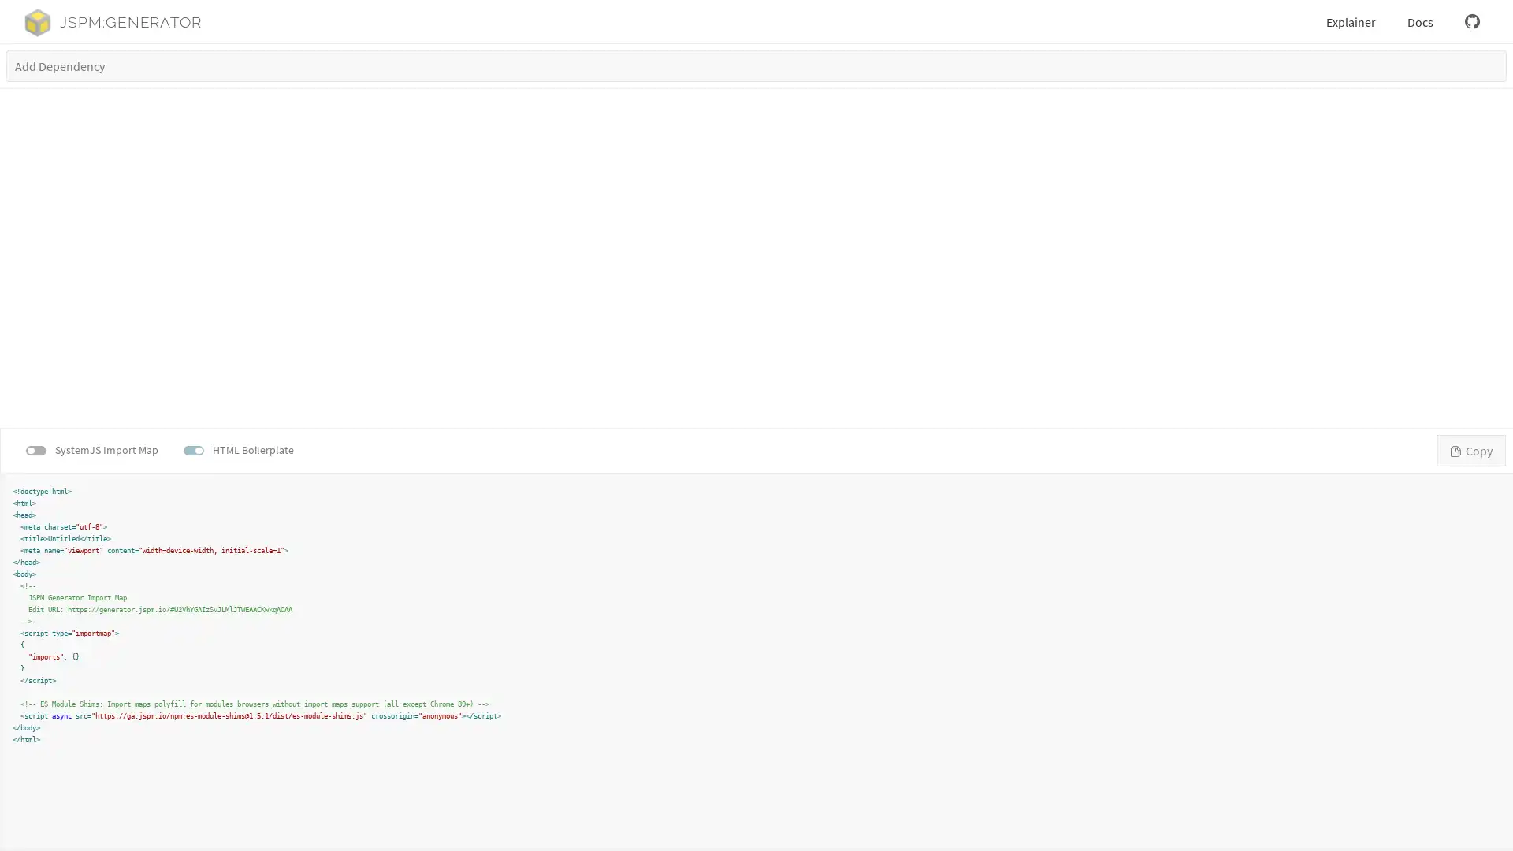 The height and width of the screenshot is (851, 1513). Describe the element at coordinates (1470, 450) in the screenshot. I see `Copy` at that location.